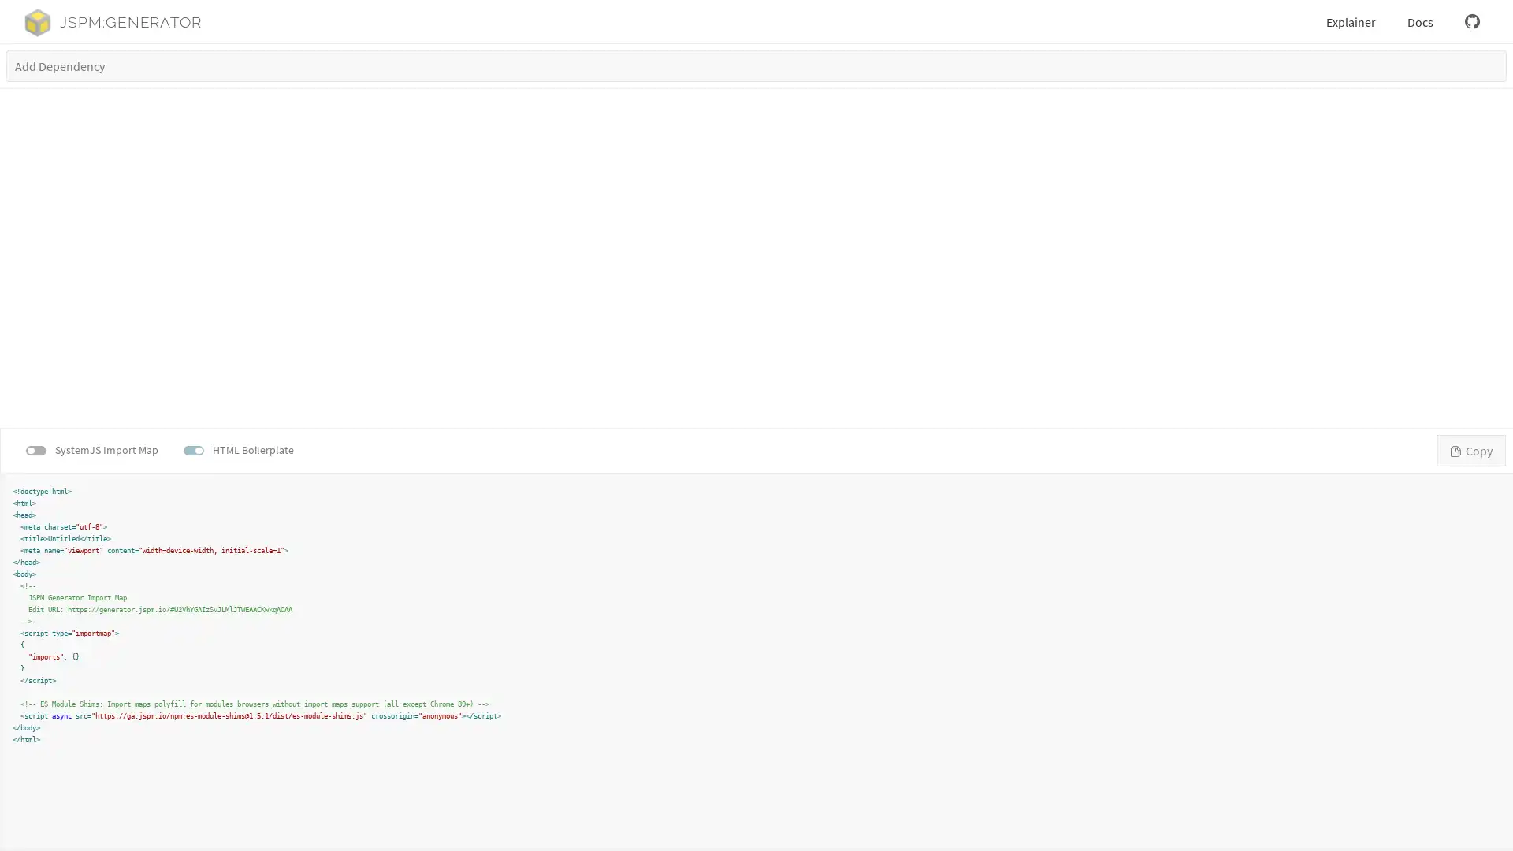 The height and width of the screenshot is (851, 1513). Describe the element at coordinates (1470, 450) in the screenshot. I see `Copy` at that location.